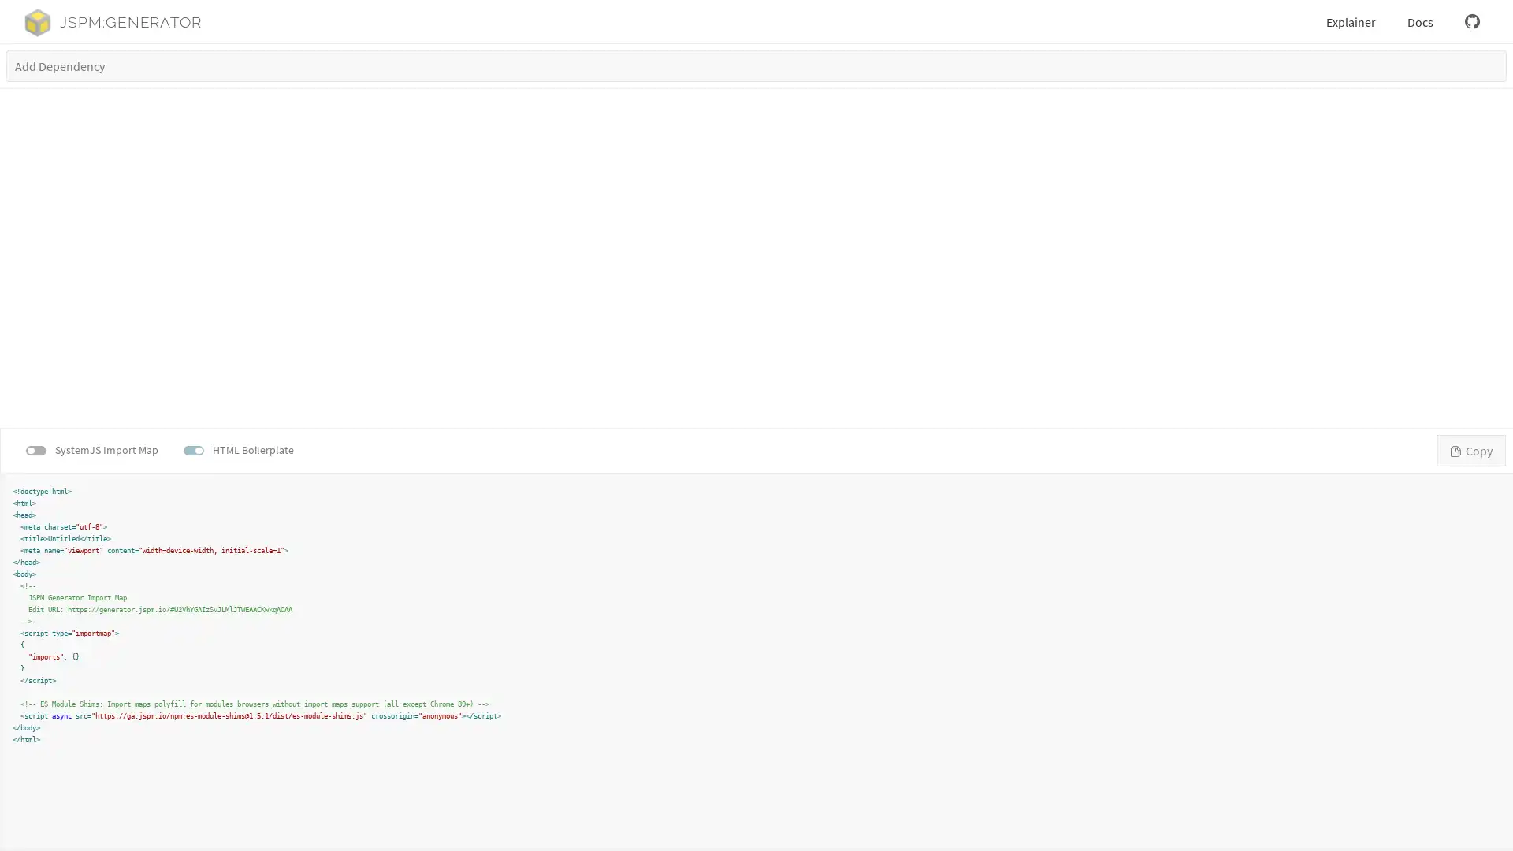 The height and width of the screenshot is (851, 1513). Describe the element at coordinates (1470, 450) in the screenshot. I see `Copy` at that location.